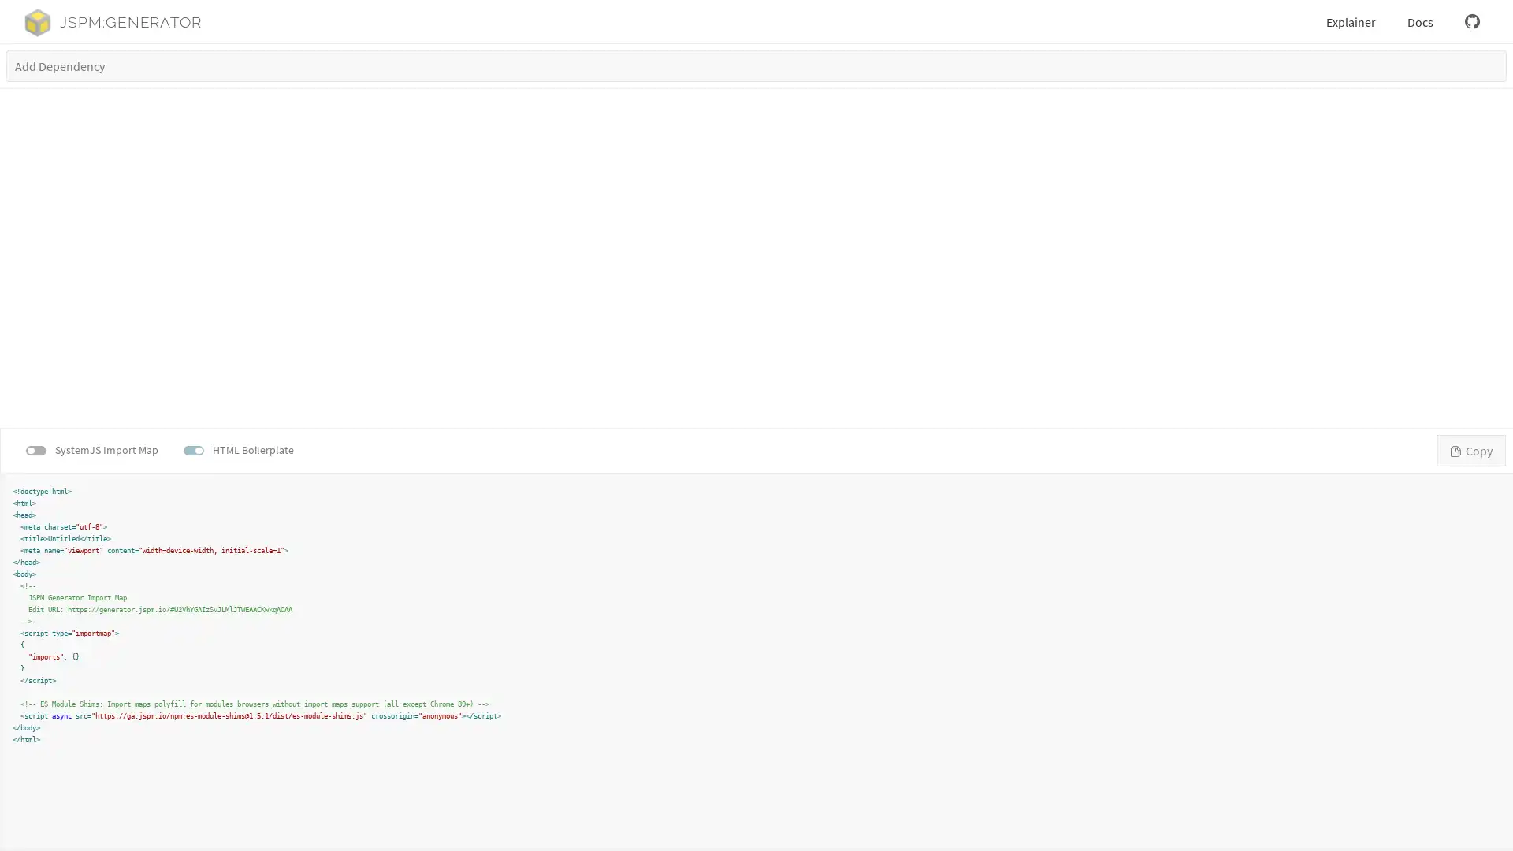 The height and width of the screenshot is (851, 1513). Describe the element at coordinates (1470, 450) in the screenshot. I see `Copy` at that location.